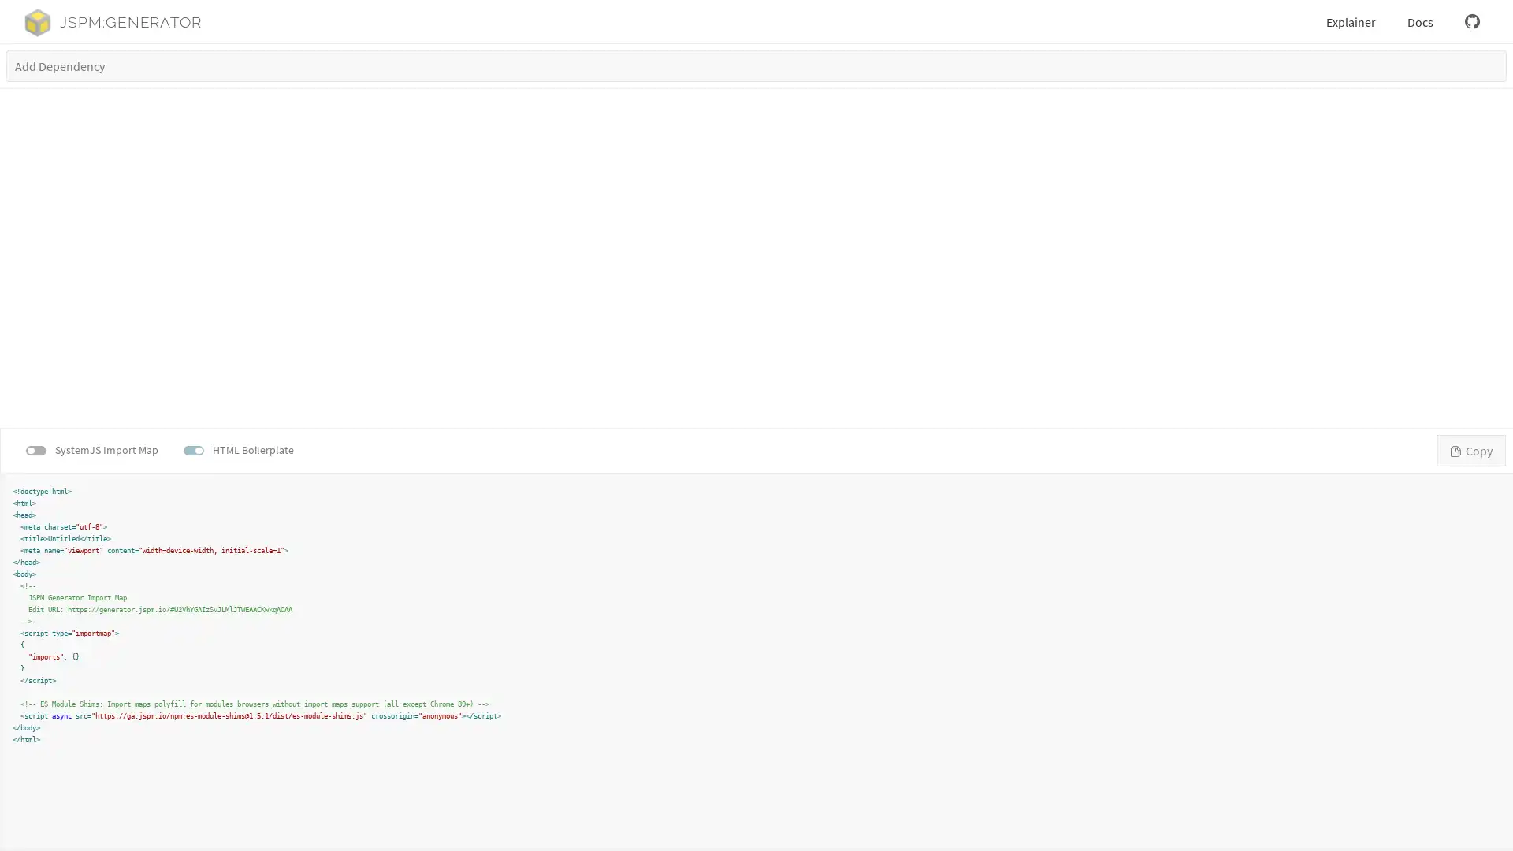 The height and width of the screenshot is (851, 1513). Describe the element at coordinates (1470, 450) in the screenshot. I see `Copy` at that location.